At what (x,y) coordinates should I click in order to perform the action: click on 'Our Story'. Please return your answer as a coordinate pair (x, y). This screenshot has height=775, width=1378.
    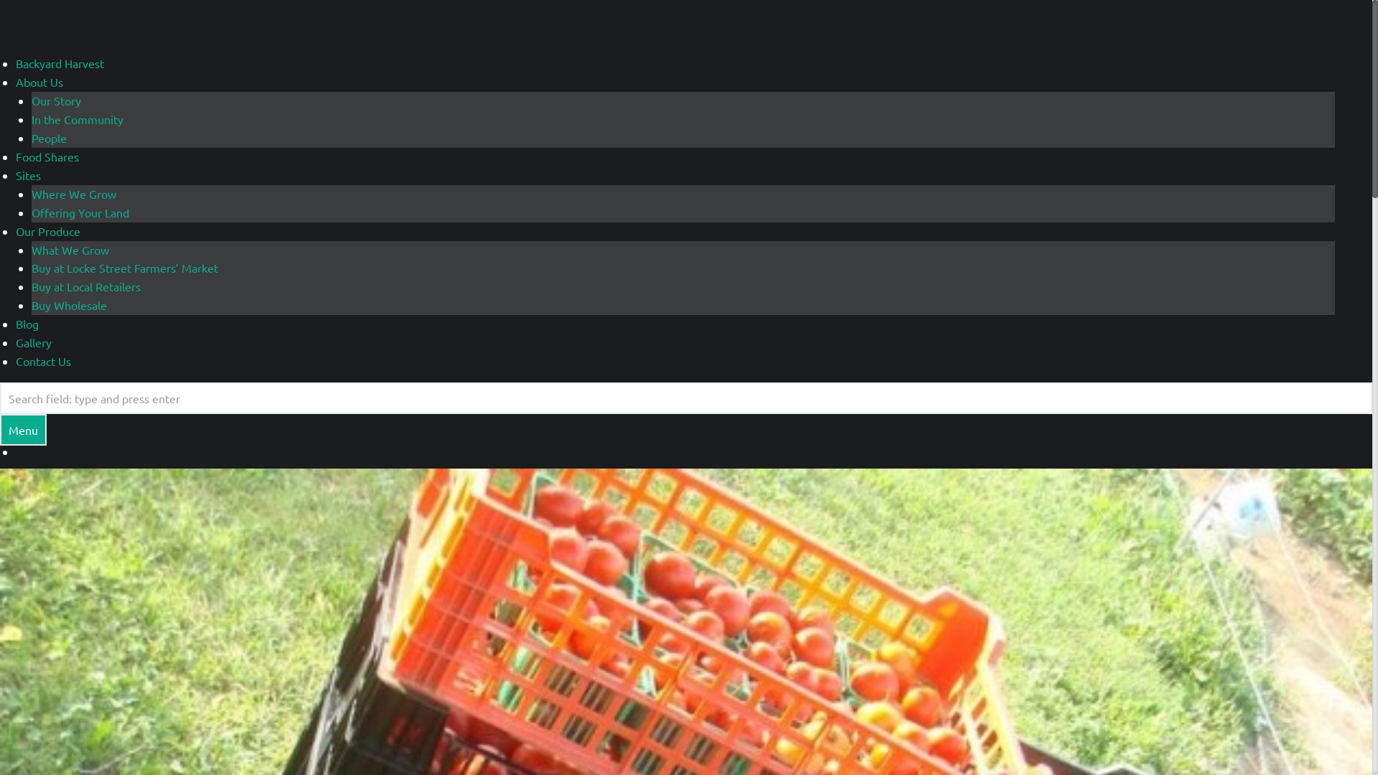
    Looking at the image, I should click on (31, 99).